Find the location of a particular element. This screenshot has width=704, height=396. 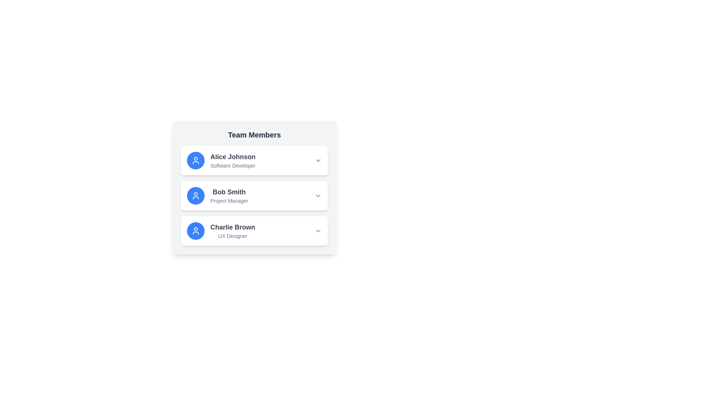

the Profile entry display for Bob Smith, the Project Manager, located centrally in the Team Members list as the second item is located at coordinates (217, 195).